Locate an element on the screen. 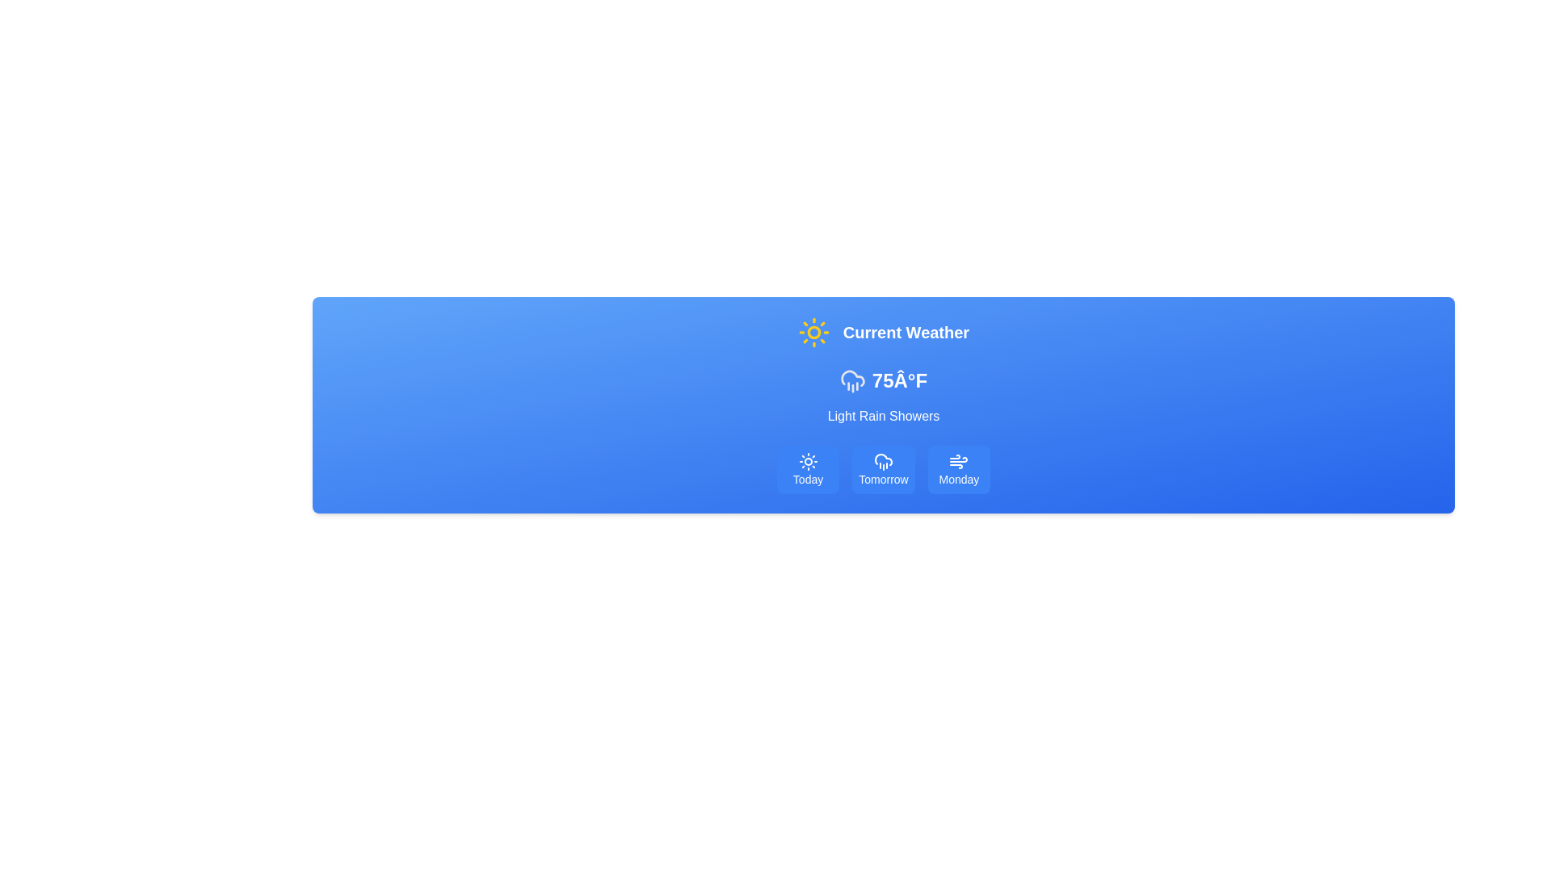 The height and width of the screenshot is (872, 1551). the wind-related status icon, which is part of the 'Monday' button located at the bottom of the weather information area is located at coordinates (959, 461).